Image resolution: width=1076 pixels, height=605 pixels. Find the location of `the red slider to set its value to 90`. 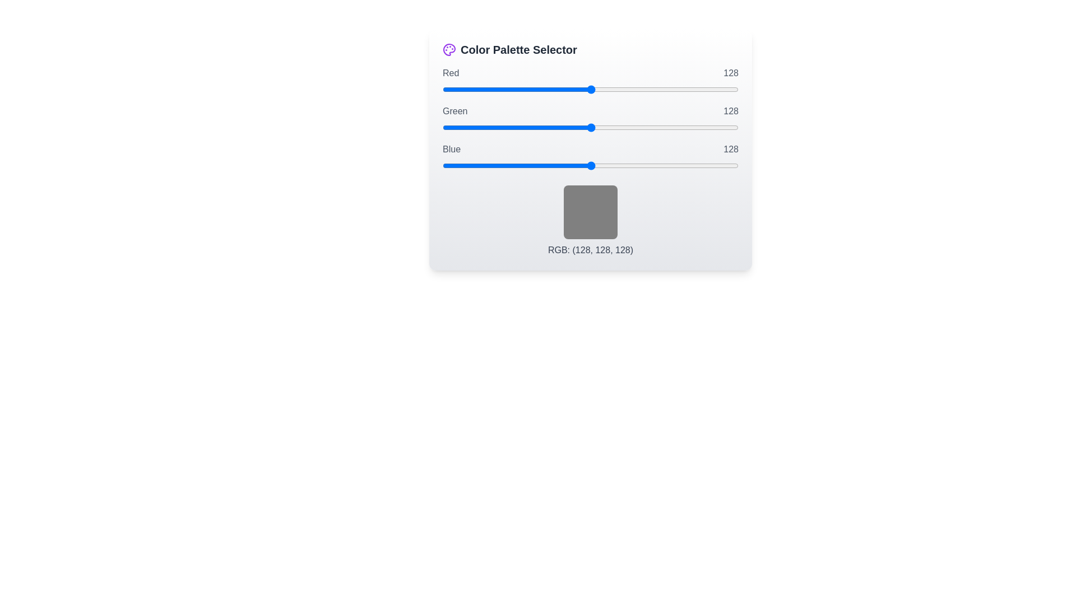

the red slider to set its value to 90 is located at coordinates (547, 89).